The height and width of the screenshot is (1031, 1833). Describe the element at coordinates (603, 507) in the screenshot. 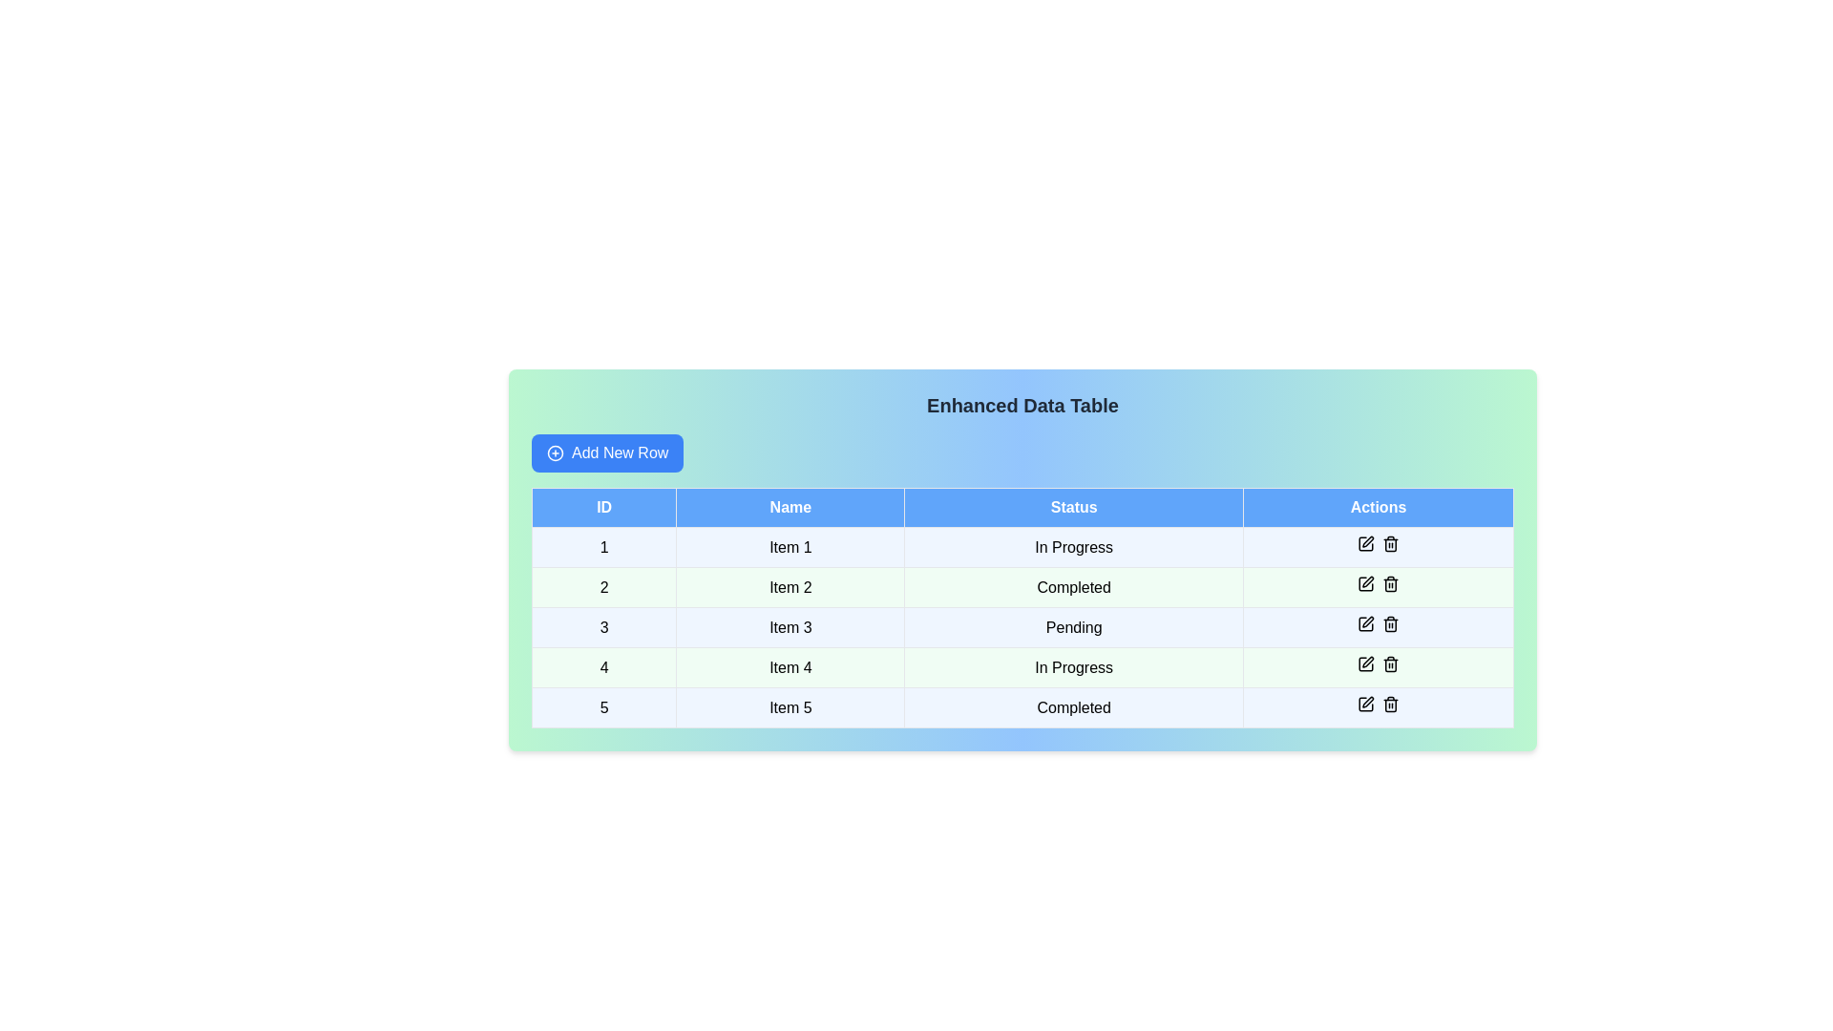

I see `the 'ID' header text label in the table, which has a blue background and white text, positioned at the top left of the table layout` at that location.